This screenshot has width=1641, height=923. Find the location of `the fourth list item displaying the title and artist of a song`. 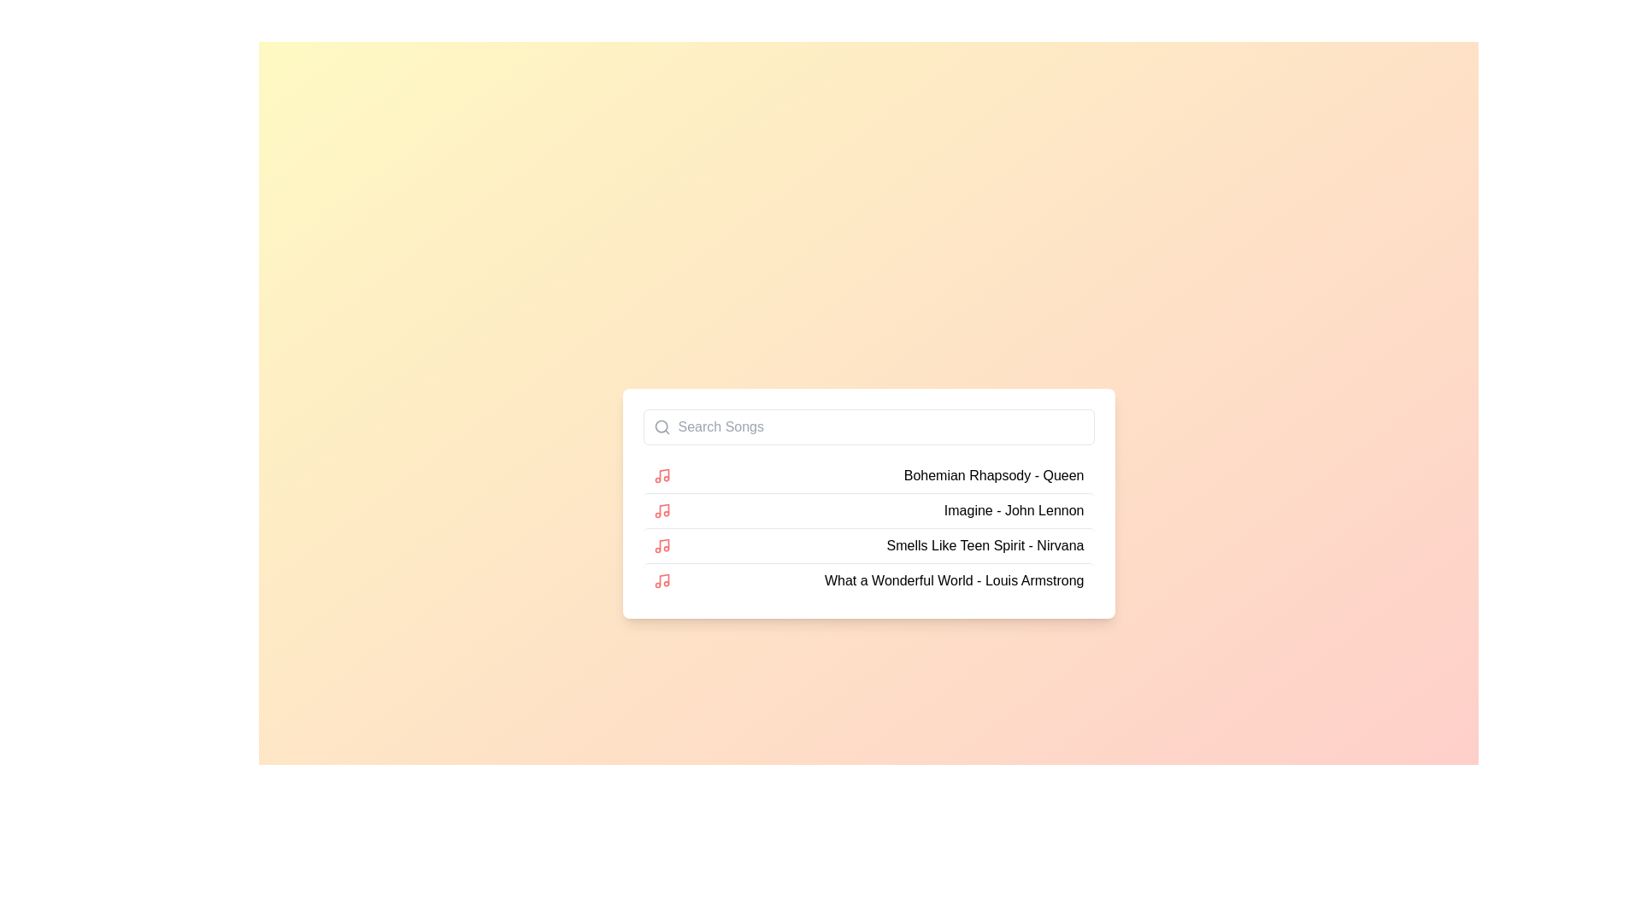

the fourth list item displaying the title and artist of a song is located at coordinates (868, 579).